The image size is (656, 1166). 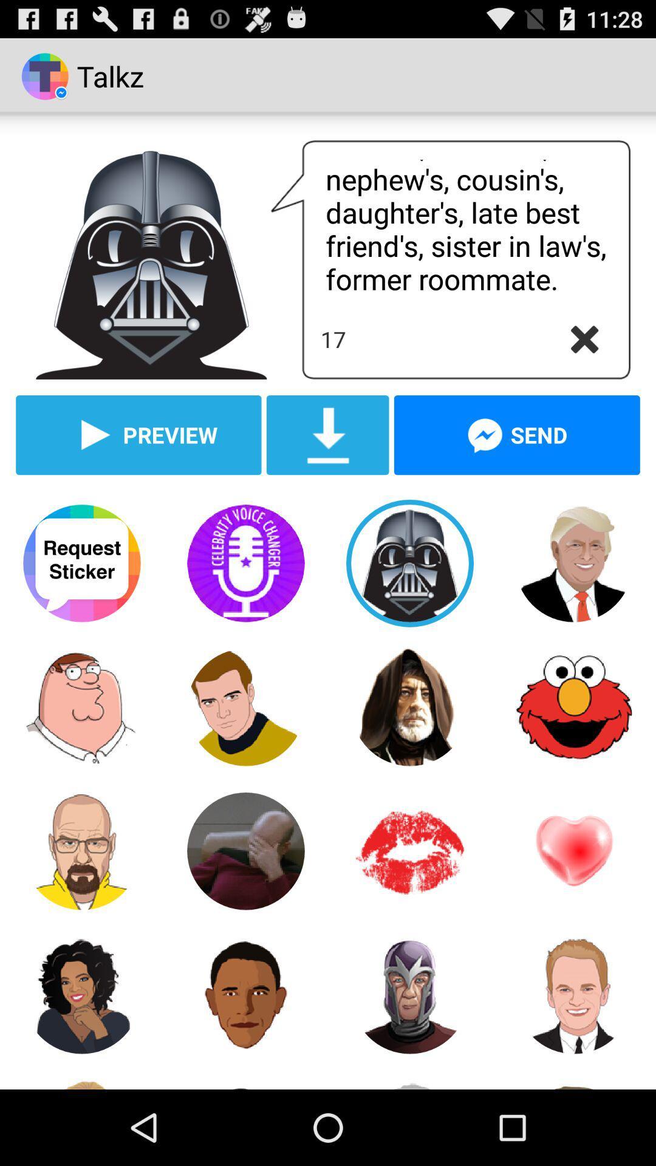 What do you see at coordinates (584, 339) in the screenshot?
I see `close` at bounding box center [584, 339].